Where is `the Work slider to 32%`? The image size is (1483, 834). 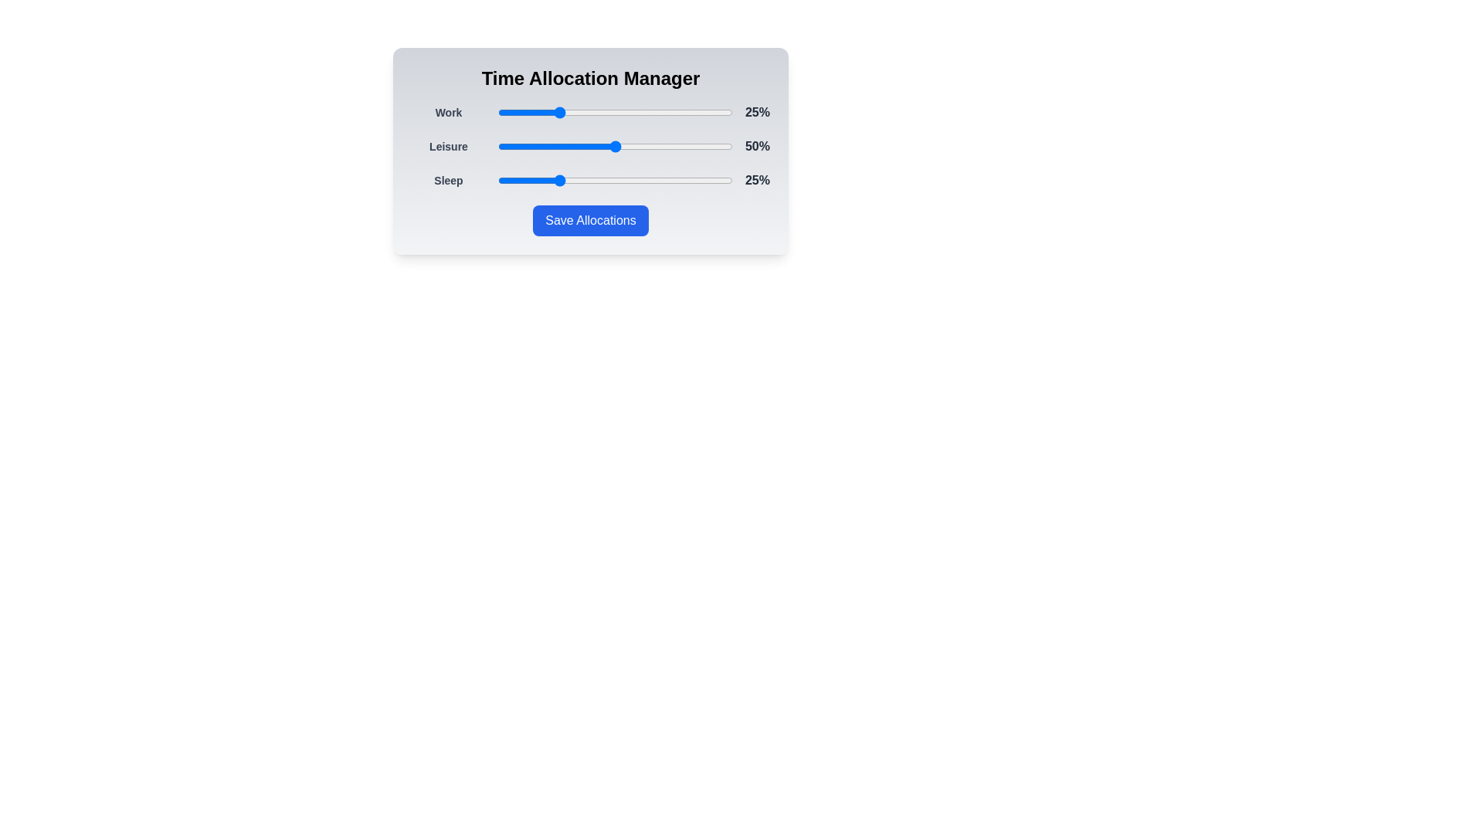 the Work slider to 32% is located at coordinates (572, 112).